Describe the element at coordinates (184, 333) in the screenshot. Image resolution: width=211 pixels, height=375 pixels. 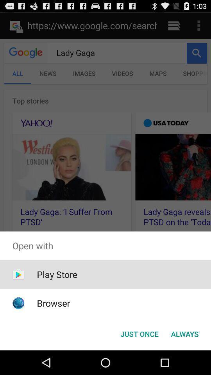
I see `always item` at that location.